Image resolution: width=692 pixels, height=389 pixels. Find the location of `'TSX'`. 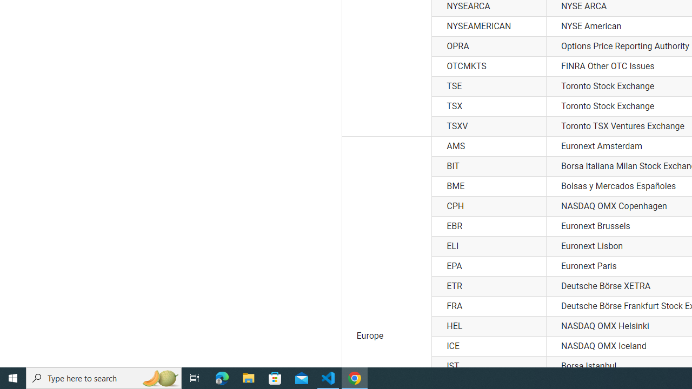

'TSX' is located at coordinates (488, 106).